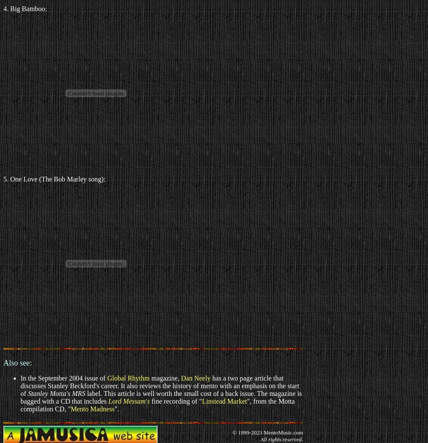 The width and height of the screenshot is (428, 443). I want to click on 'Lord Messam's', so click(129, 401).